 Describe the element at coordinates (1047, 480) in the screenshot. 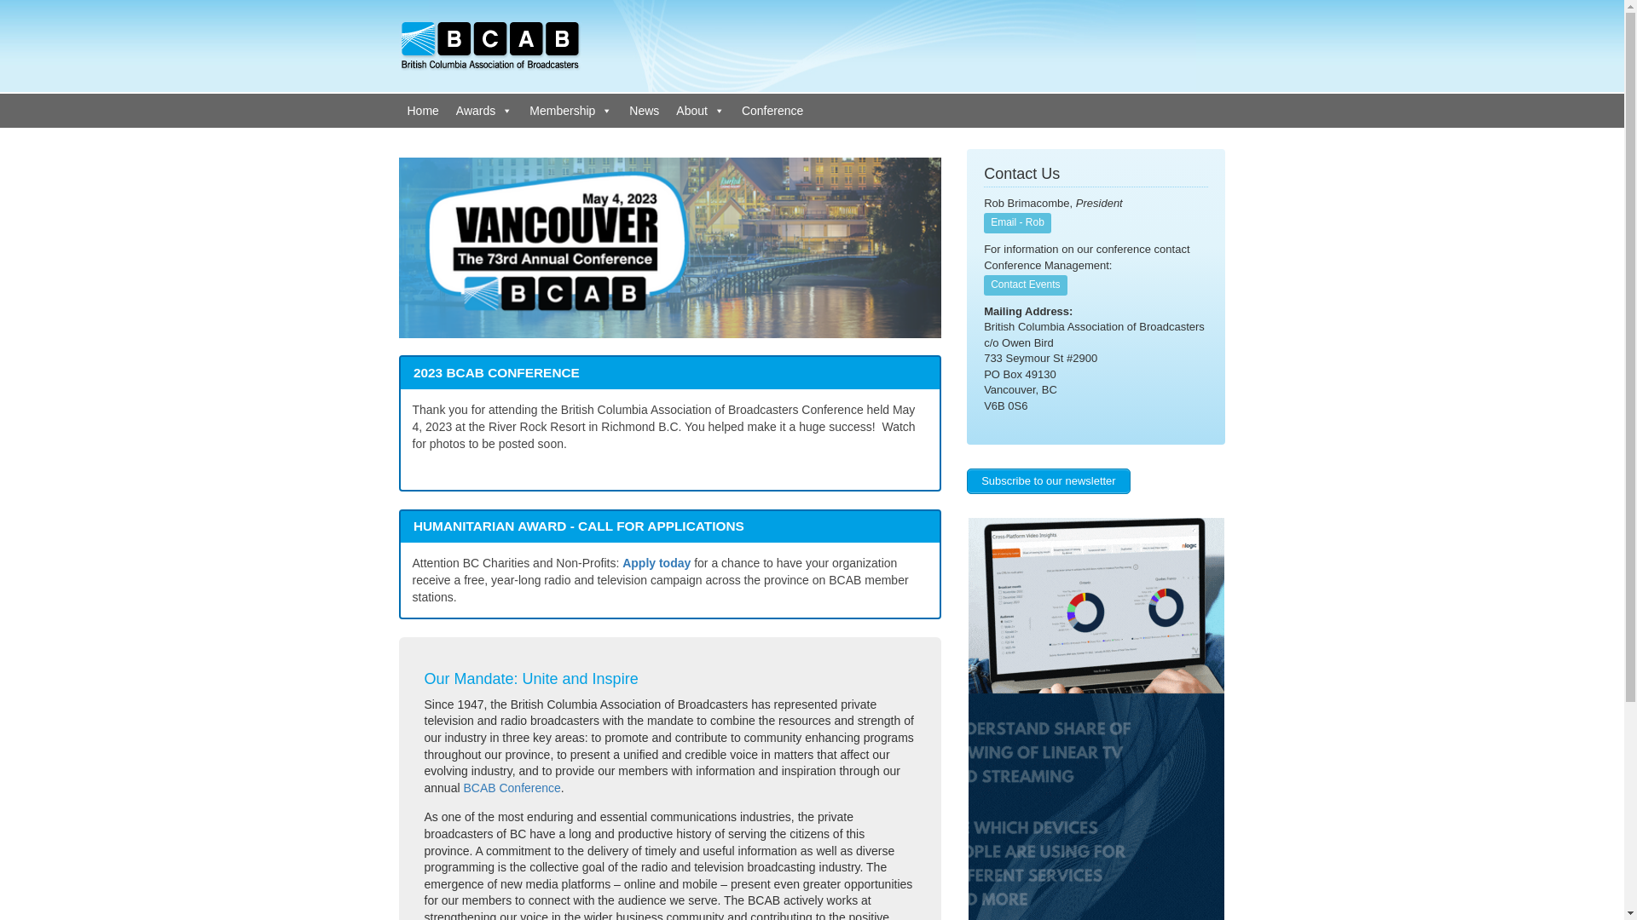

I see `'Subscribe to our newsletter'` at that location.